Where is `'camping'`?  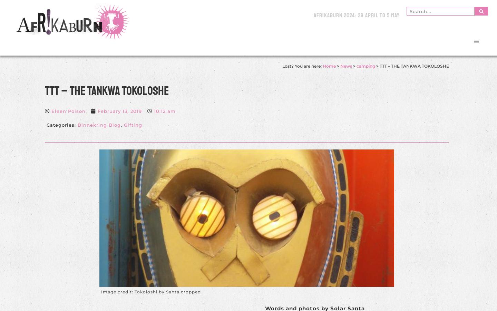 'camping' is located at coordinates (365, 66).